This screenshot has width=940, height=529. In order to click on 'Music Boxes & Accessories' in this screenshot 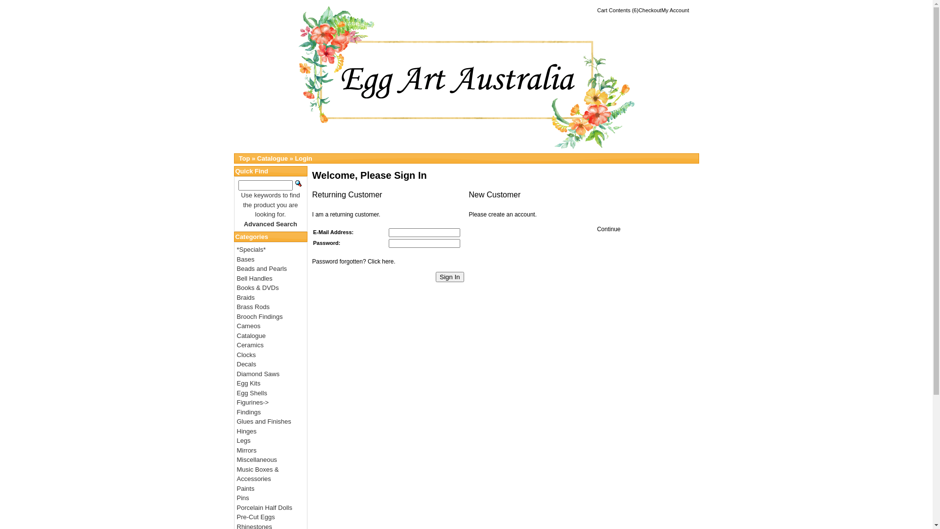, I will do `click(258, 473)`.